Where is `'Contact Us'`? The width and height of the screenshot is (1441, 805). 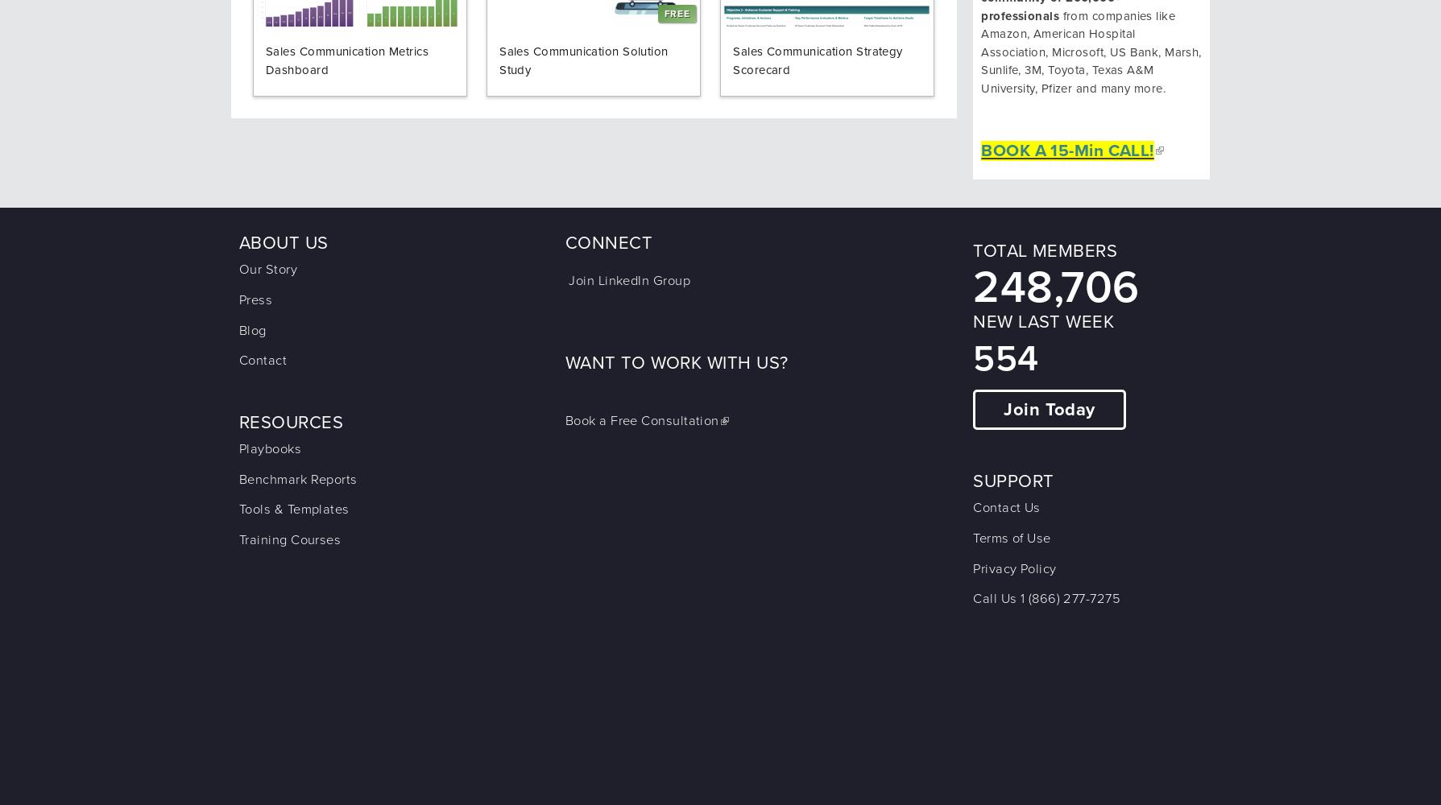
'Contact Us' is located at coordinates (1006, 508).